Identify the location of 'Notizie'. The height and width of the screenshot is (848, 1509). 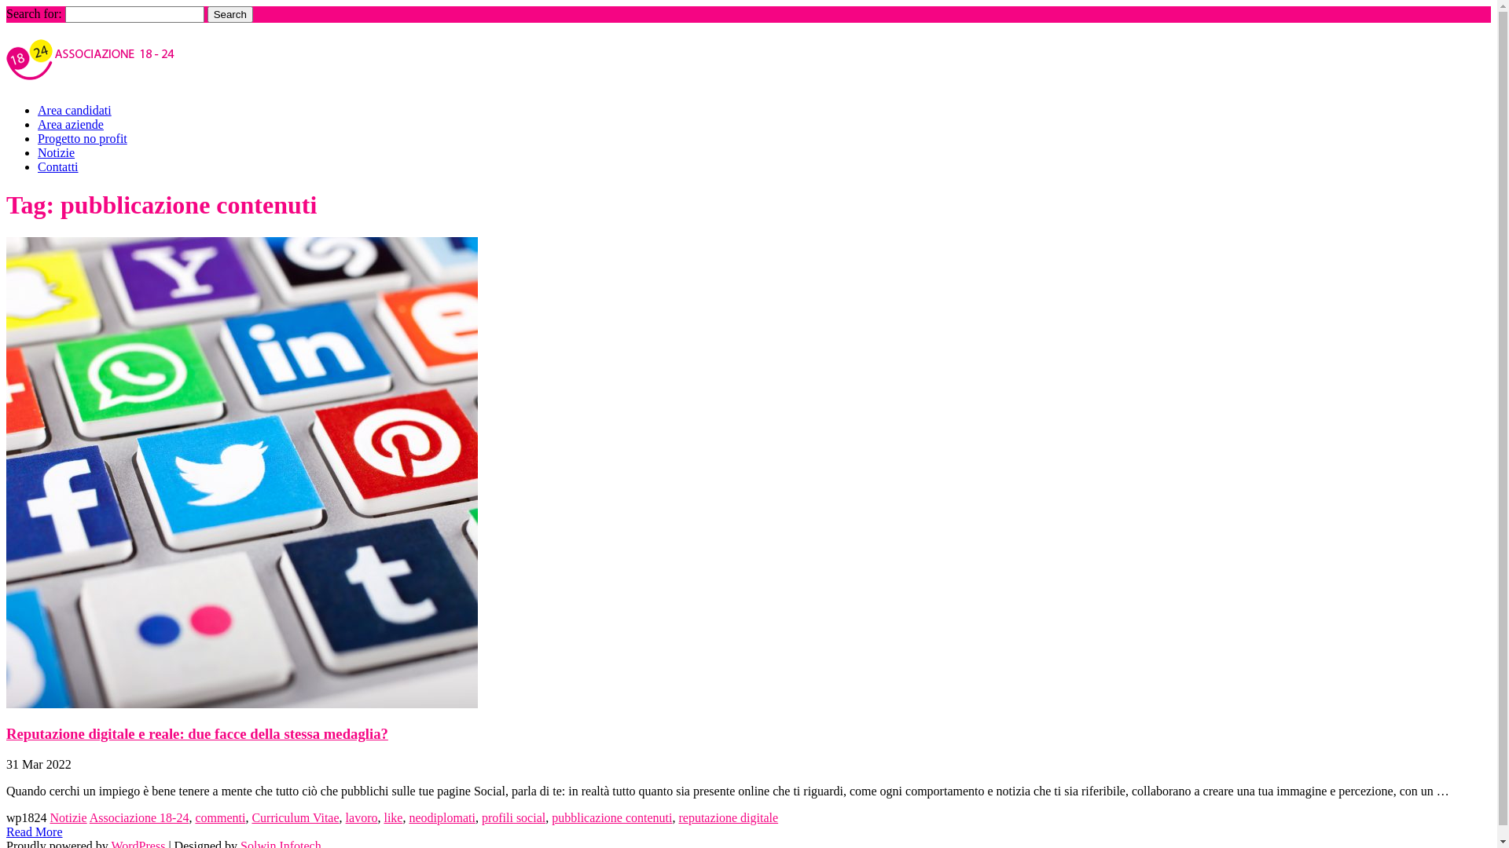
(38, 152).